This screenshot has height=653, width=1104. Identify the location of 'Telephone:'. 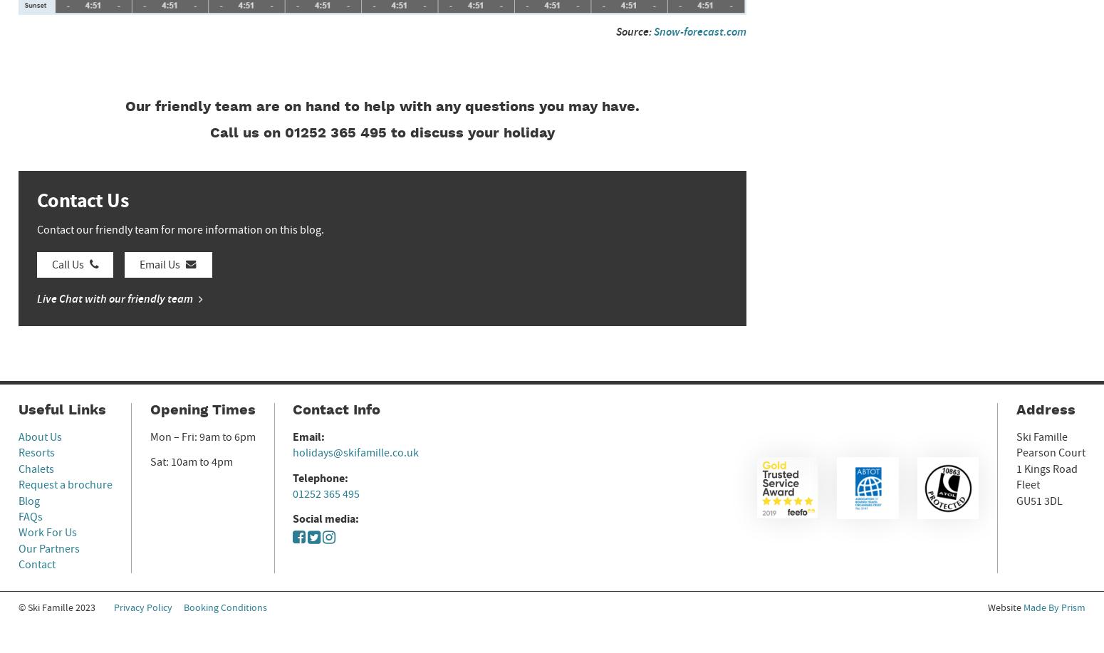
(320, 477).